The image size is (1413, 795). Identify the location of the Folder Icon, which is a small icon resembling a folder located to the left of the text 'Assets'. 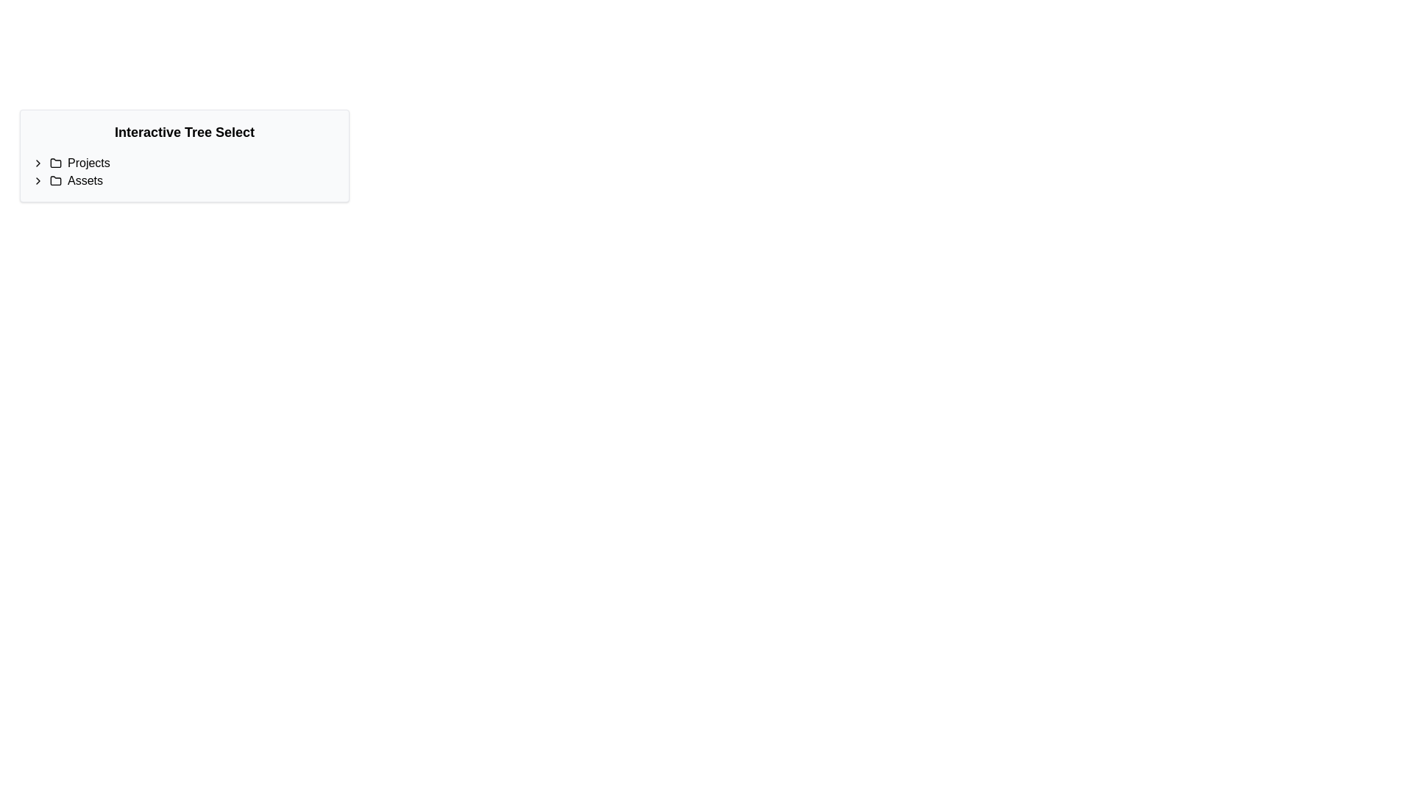
(56, 180).